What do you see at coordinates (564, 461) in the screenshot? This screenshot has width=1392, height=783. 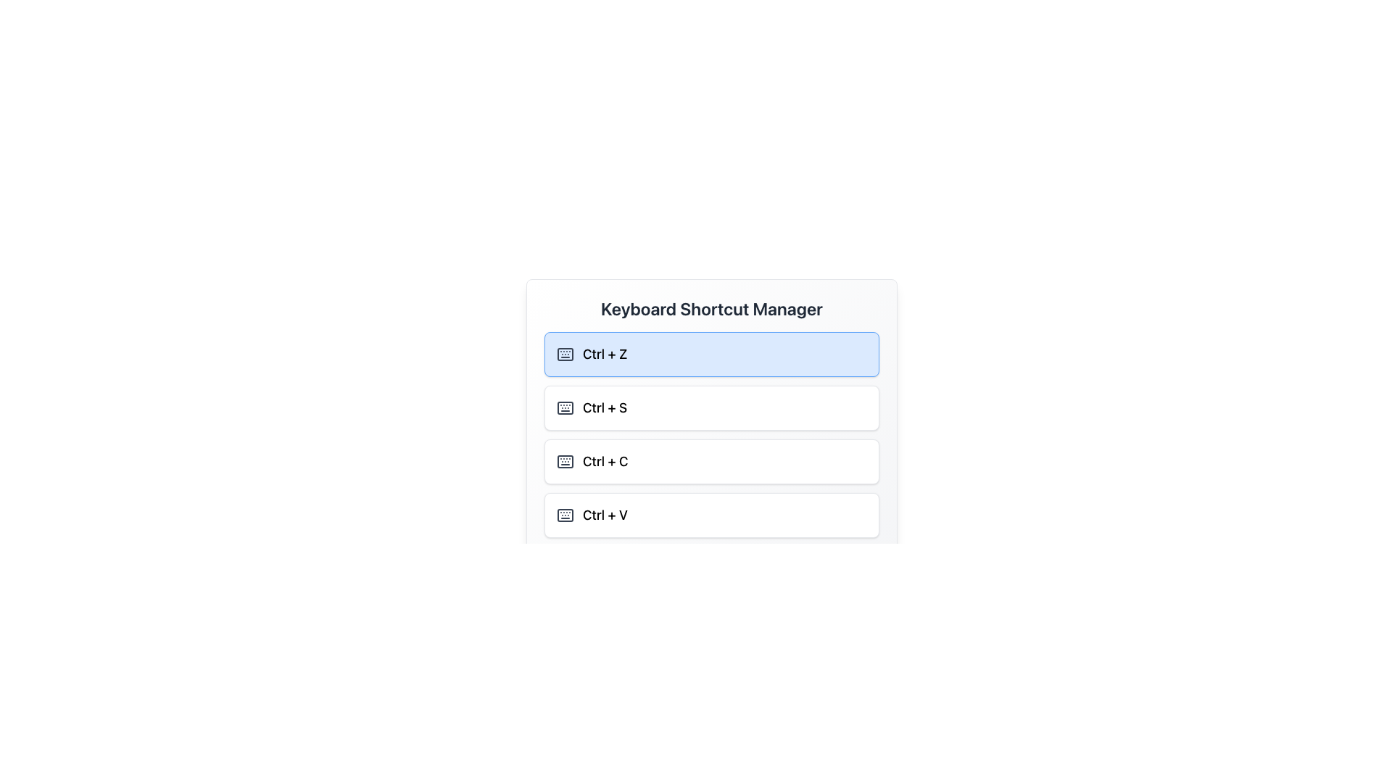 I see `the main rectangular body of the keyboard icon, which is styled in a neutral color scheme and centrally positioned among other graphical elements` at bounding box center [564, 461].